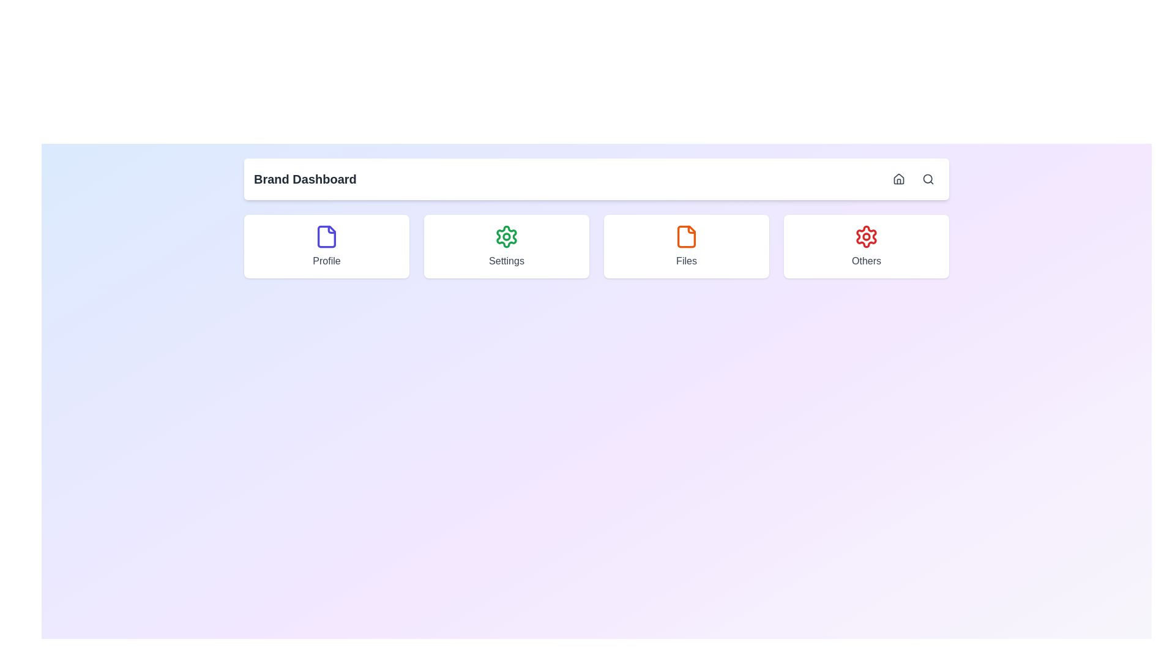  I want to click on the search button located at the top right portion of the bar to change its background color, so click(928, 179).